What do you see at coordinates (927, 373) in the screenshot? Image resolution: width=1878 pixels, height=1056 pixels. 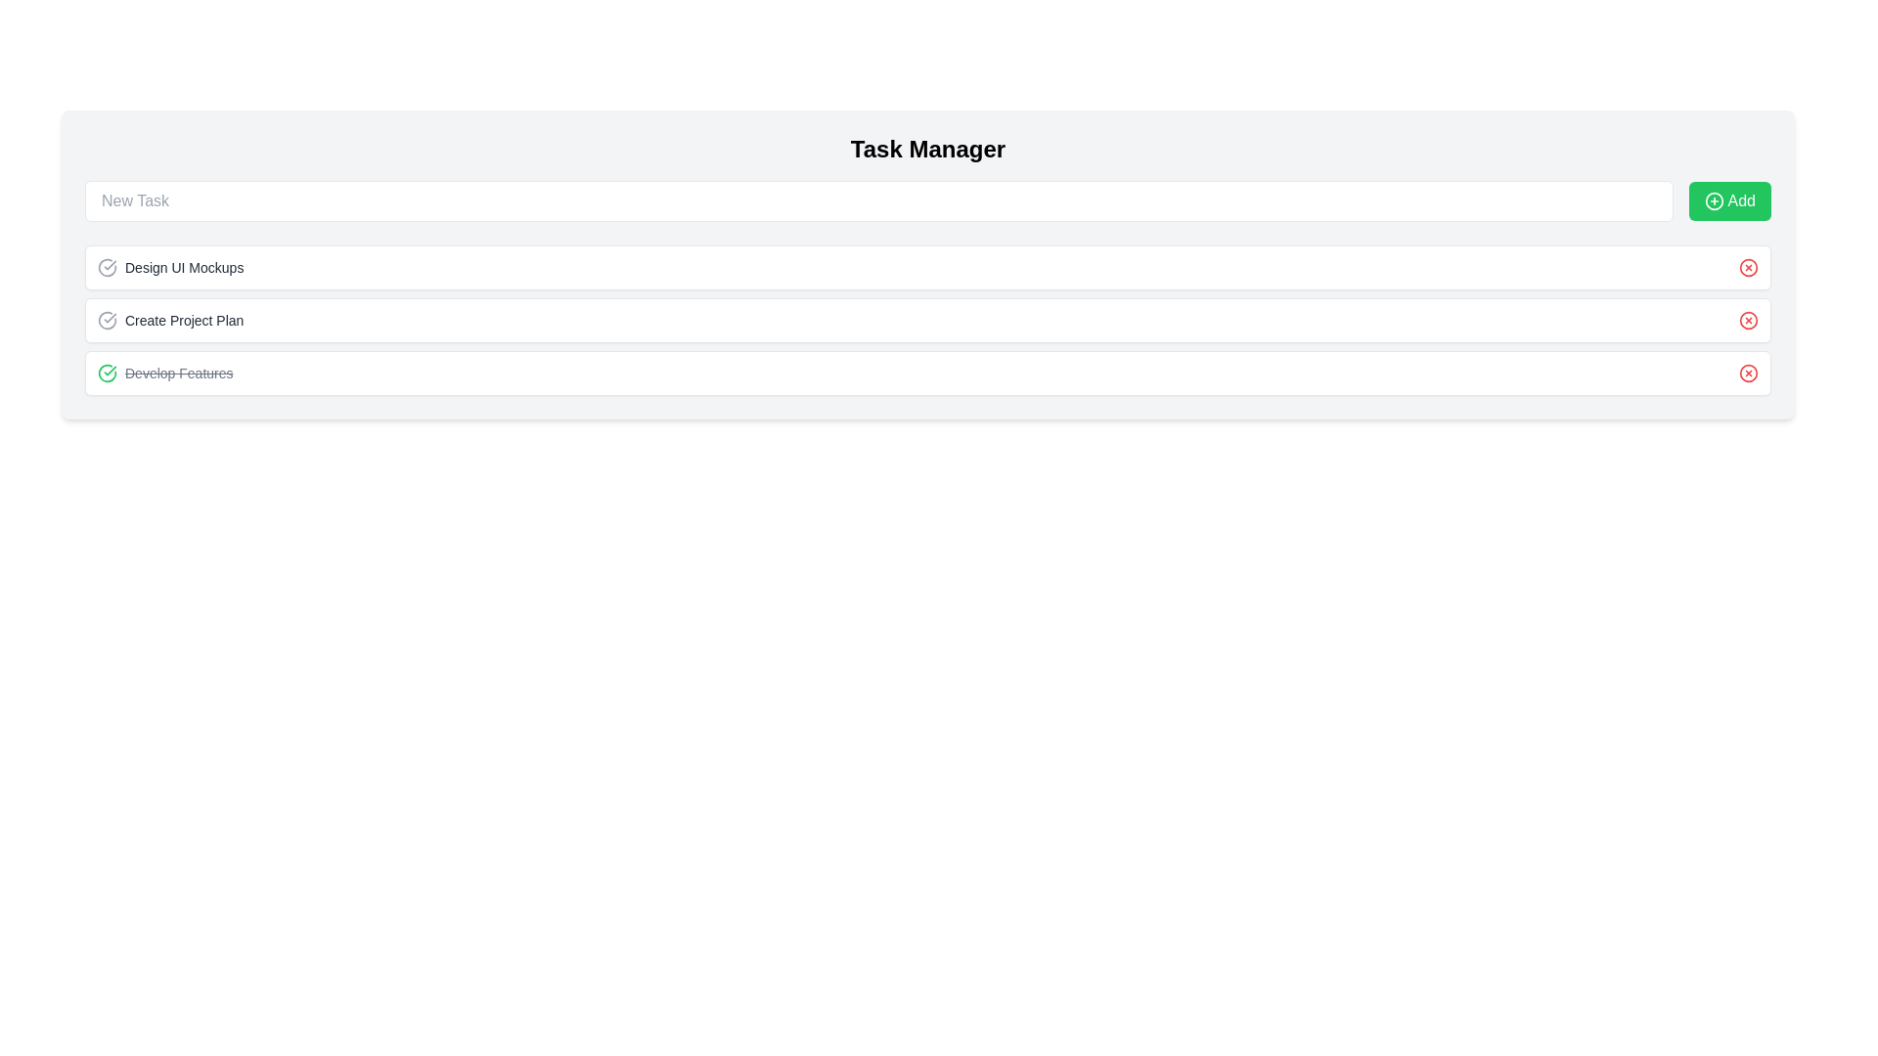 I see `the completed task card, which is the third item in the vertical list under the 'Tasks' section, positioned between 'Create Project Plan' and the next item` at bounding box center [927, 373].